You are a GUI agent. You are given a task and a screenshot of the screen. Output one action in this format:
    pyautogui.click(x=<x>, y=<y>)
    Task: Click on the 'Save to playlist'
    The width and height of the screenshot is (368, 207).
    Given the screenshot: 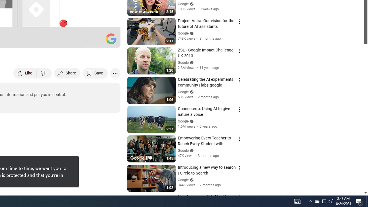 What is the action you would take?
    pyautogui.click(x=95, y=73)
    